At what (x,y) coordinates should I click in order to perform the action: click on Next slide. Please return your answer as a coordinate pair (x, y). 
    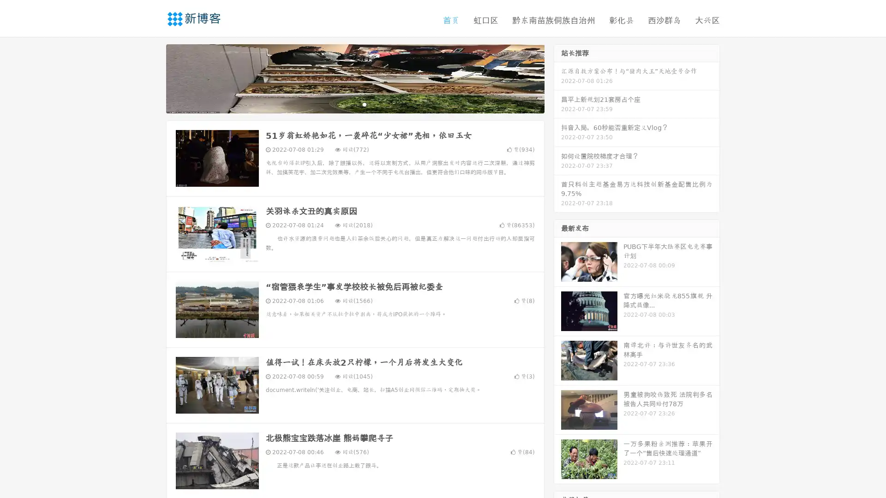
    Looking at the image, I should click on (557, 77).